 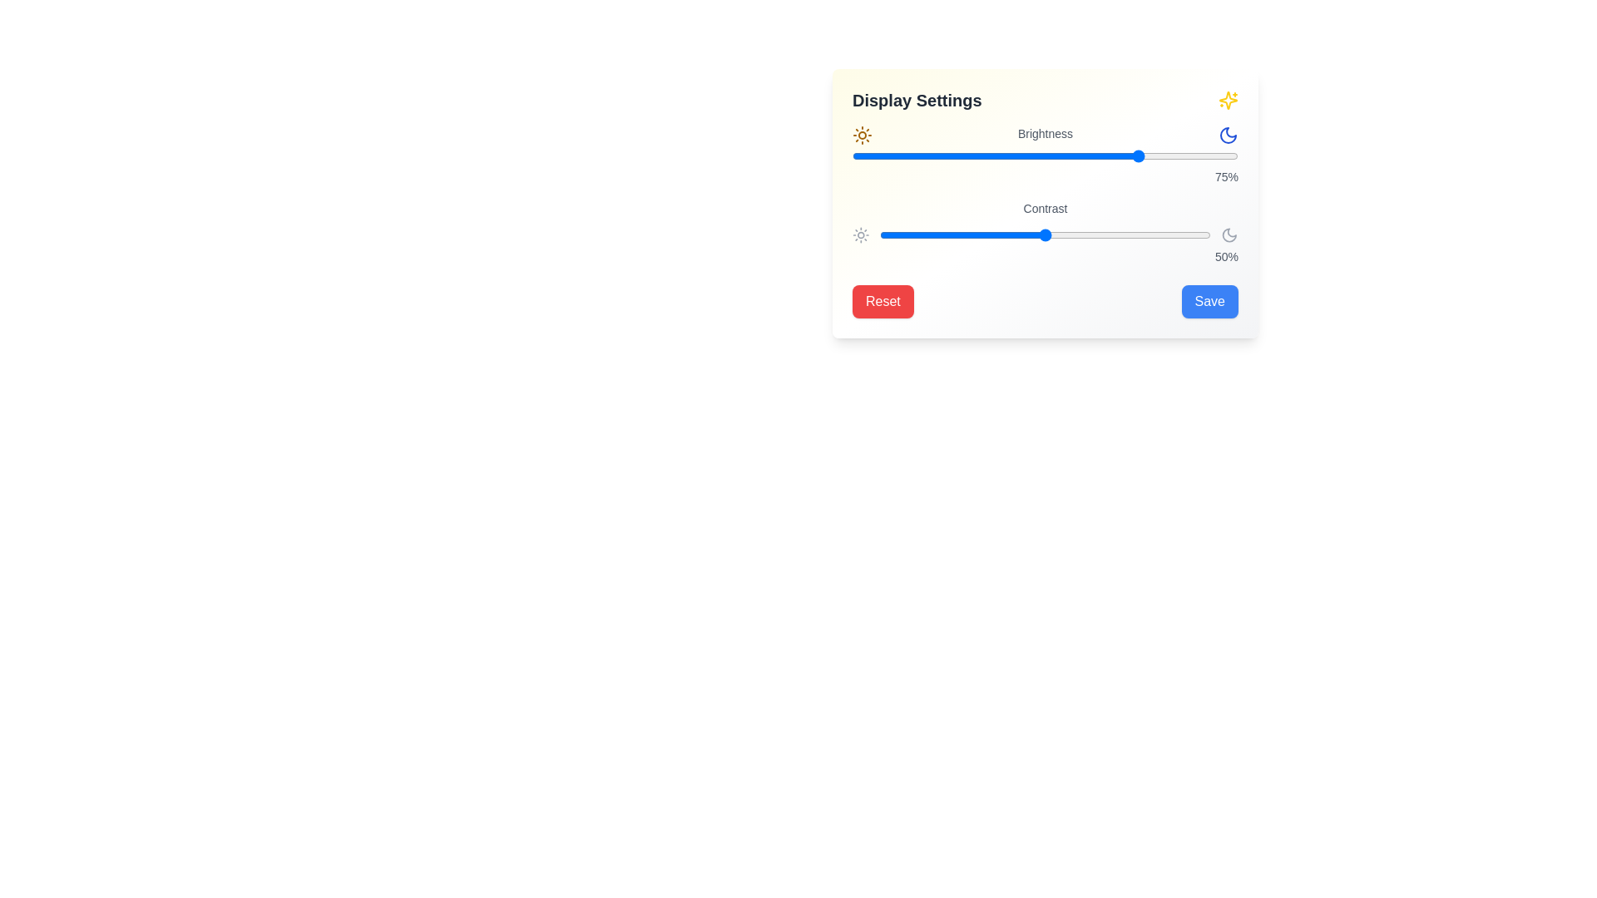 What do you see at coordinates (1144, 234) in the screenshot?
I see `the contrast` at bounding box center [1144, 234].